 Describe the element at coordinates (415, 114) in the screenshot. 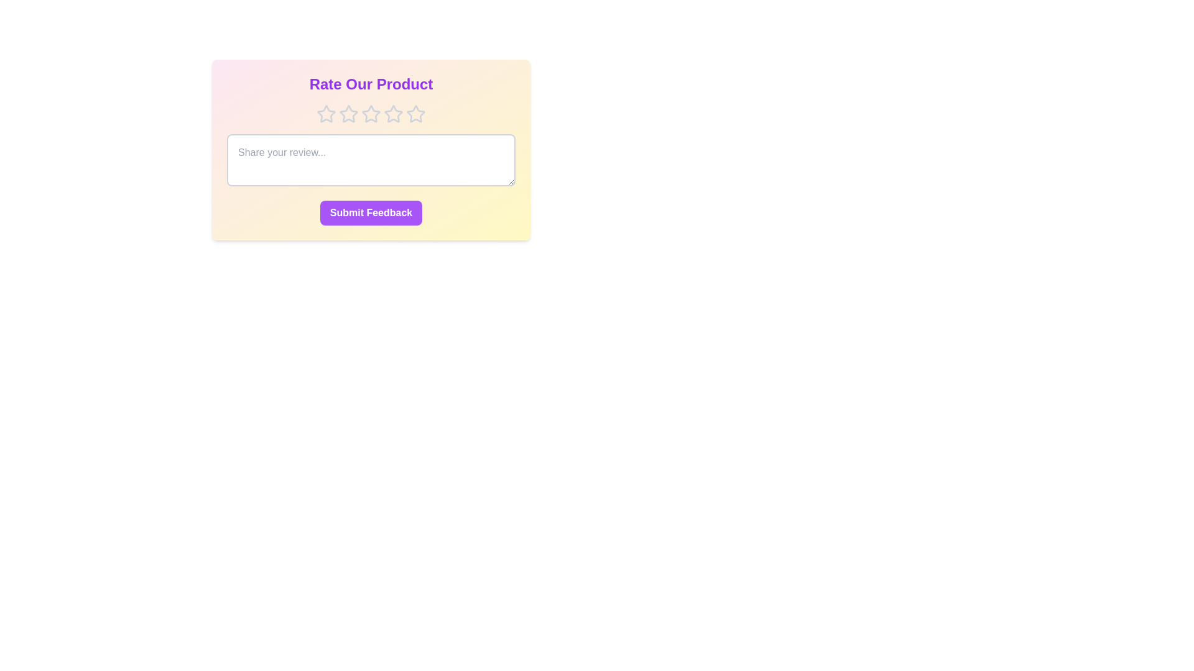

I see `the star corresponding to 5 to preview the selection effect` at that location.